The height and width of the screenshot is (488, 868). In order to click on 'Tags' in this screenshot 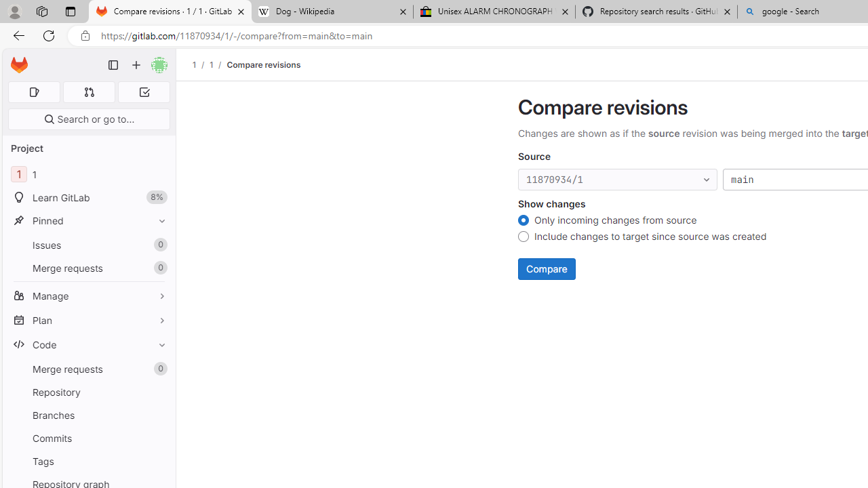, I will do `click(88, 460)`.